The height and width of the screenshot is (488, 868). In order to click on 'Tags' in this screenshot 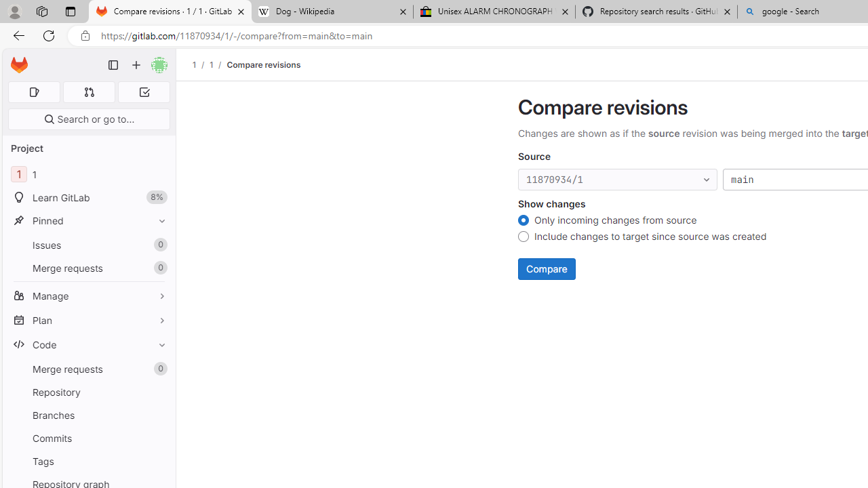, I will do `click(88, 460)`.